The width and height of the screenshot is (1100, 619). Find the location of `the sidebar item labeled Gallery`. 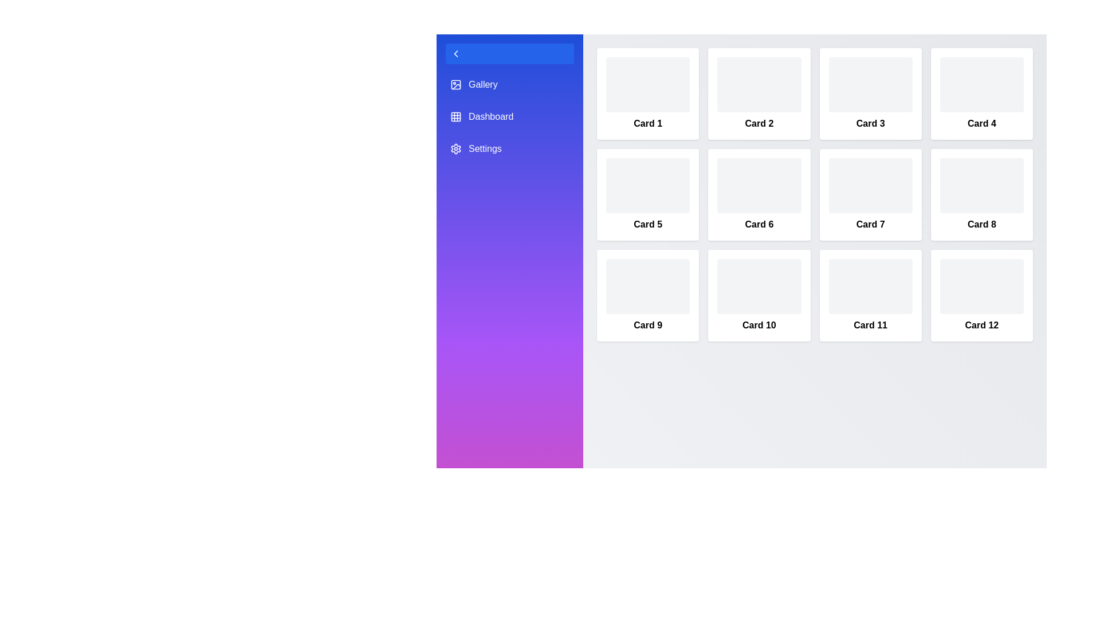

the sidebar item labeled Gallery is located at coordinates (509, 84).